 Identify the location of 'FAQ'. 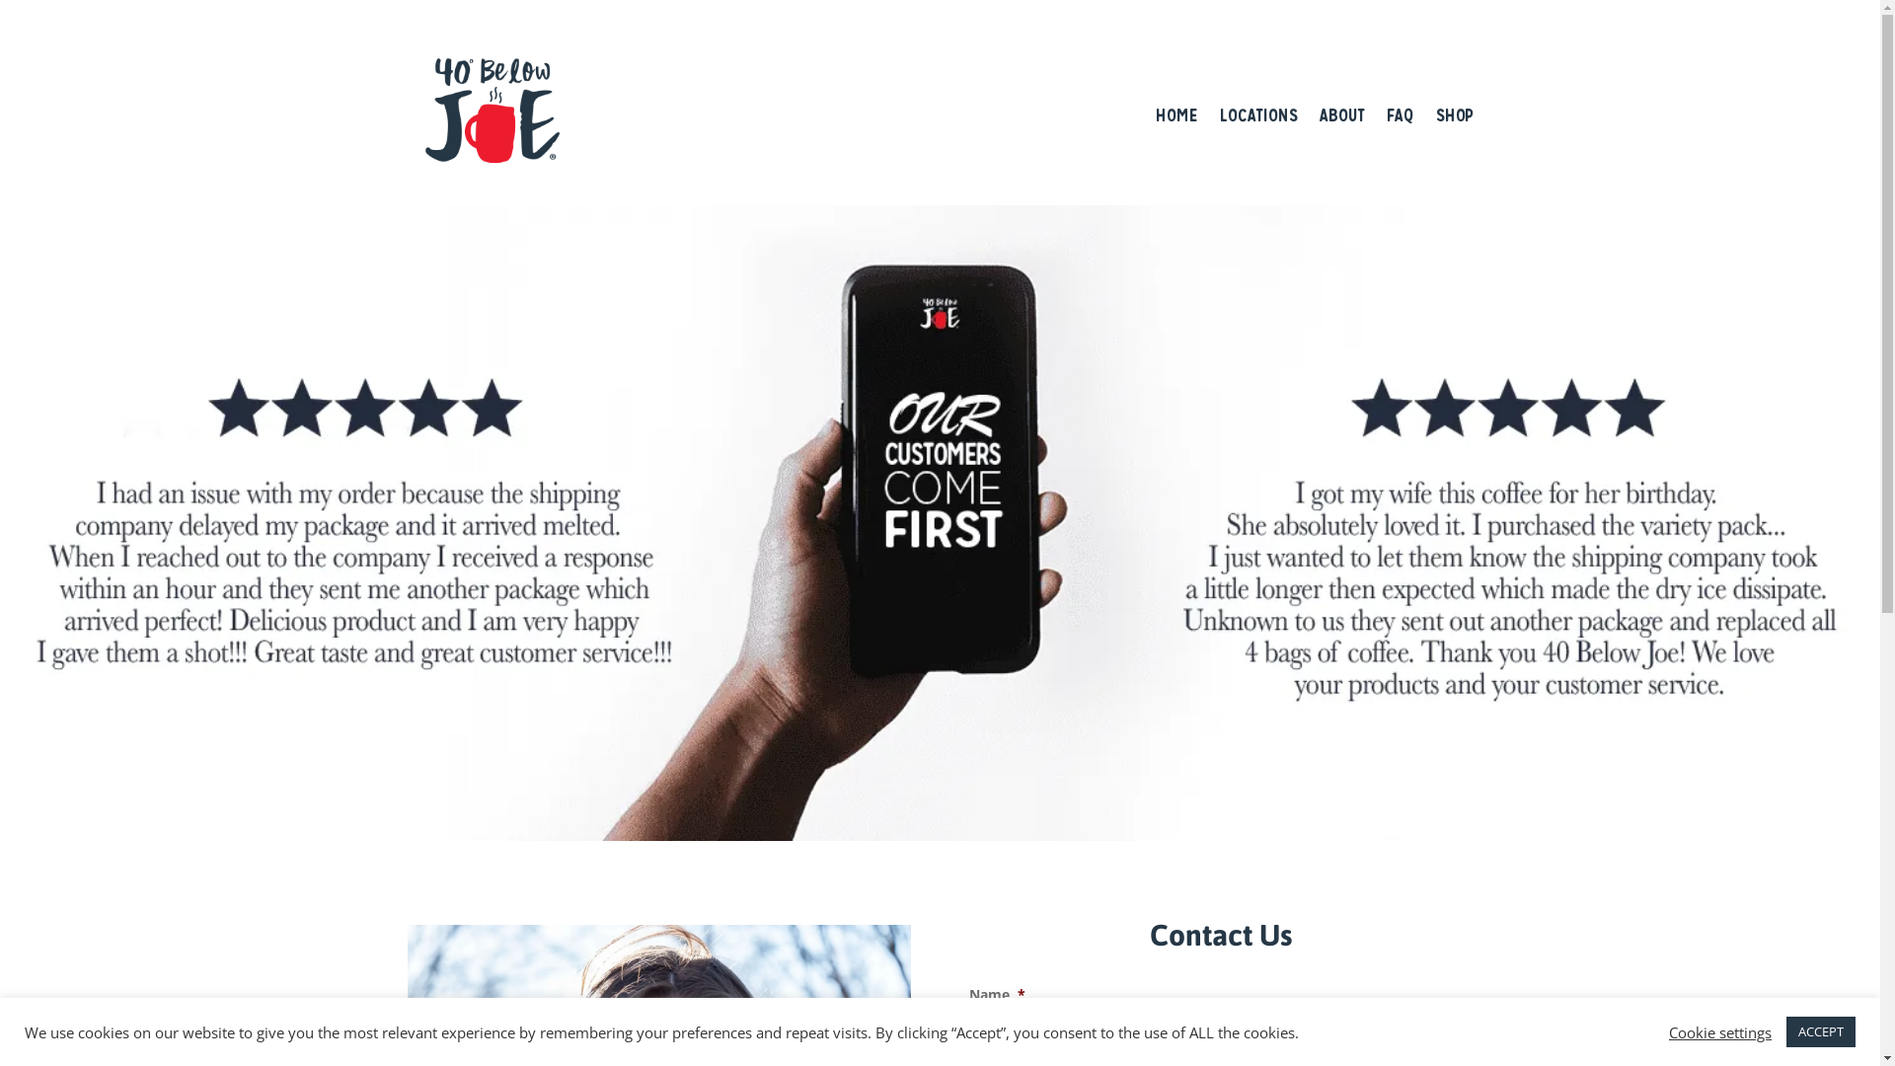
(1398, 115).